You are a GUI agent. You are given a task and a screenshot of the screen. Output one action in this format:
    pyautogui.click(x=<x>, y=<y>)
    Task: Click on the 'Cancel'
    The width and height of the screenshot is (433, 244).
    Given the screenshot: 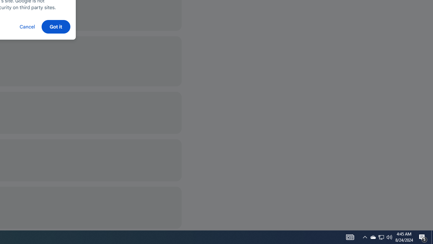 What is the action you would take?
    pyautogui.click(x=27, y=26)
    